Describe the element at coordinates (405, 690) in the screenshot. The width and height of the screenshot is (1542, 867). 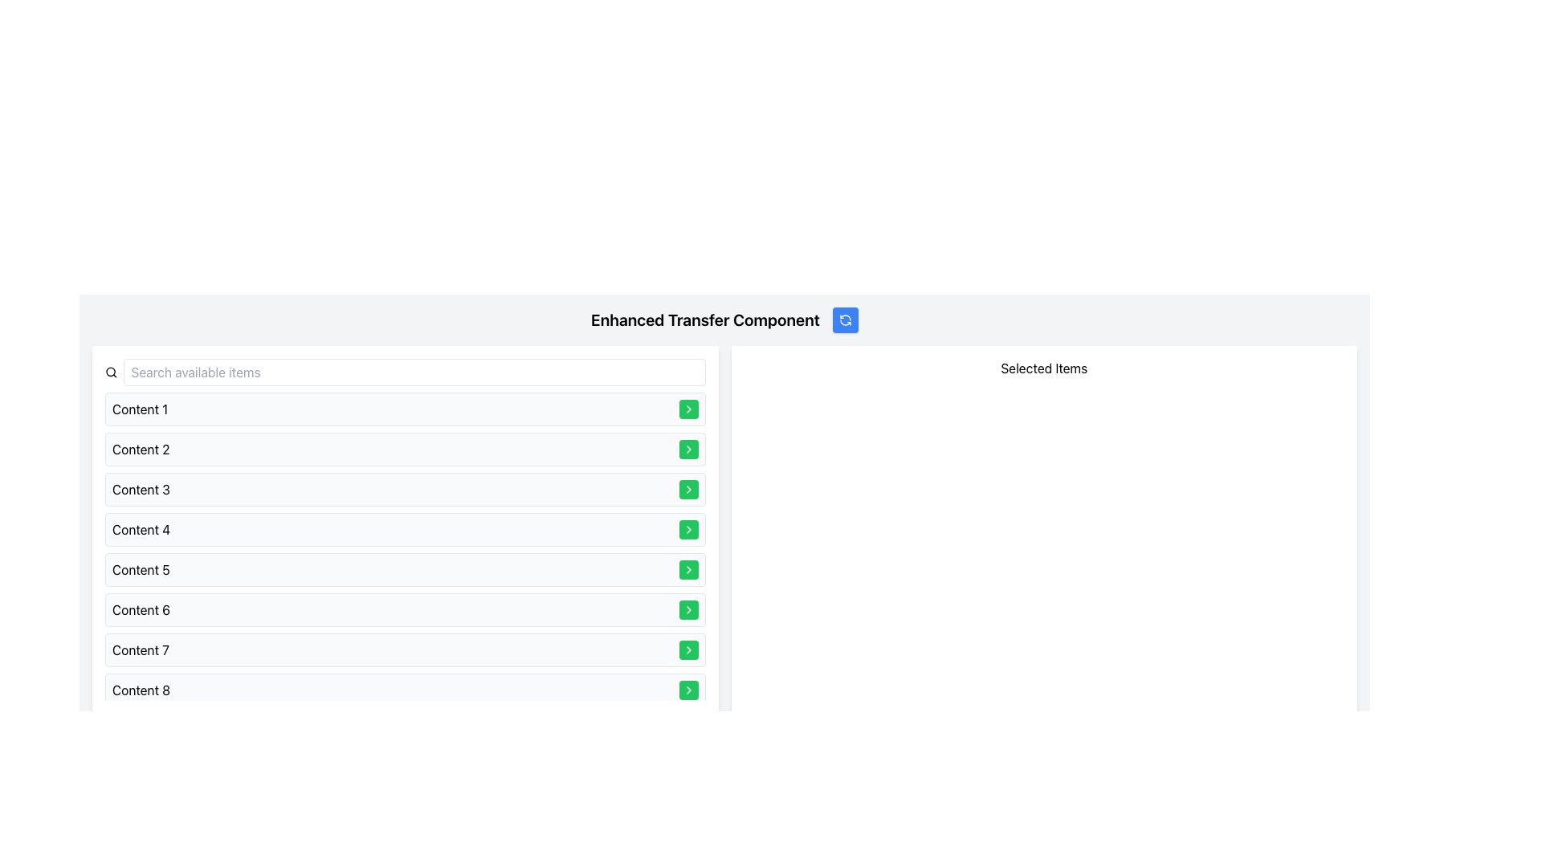
I see `the green button of the interactive list item representing 'Content 8'` at that location.